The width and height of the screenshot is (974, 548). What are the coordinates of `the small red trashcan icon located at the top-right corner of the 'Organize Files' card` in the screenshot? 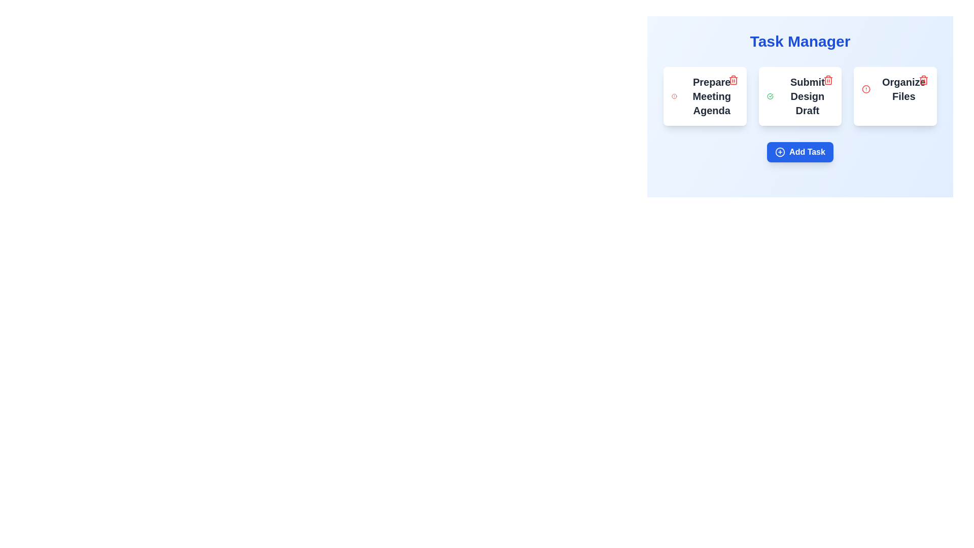 It's located at (923, 80).